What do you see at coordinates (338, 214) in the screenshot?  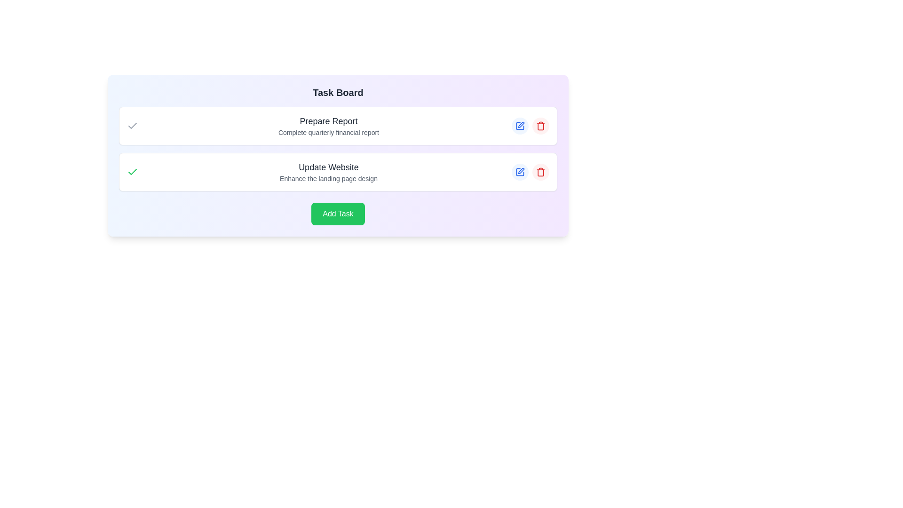 I see `the button at the bottom of the 'Task Board' section` at bounding box center [338, 214].